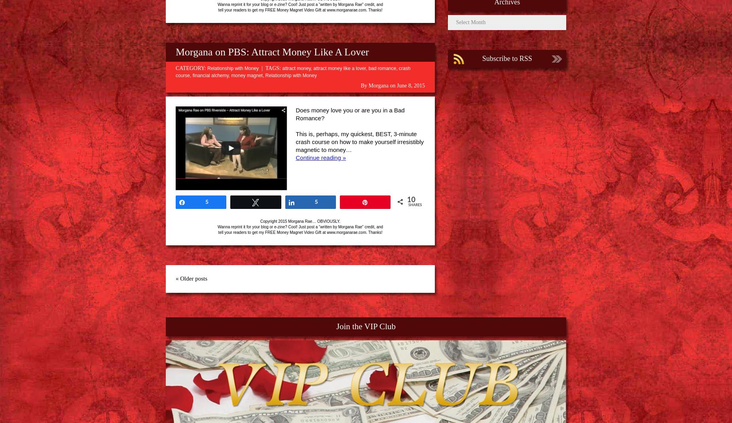 The width and height of the screenshot is (732, 423). I want to click on 'financial alchemy', so click(192, 76).